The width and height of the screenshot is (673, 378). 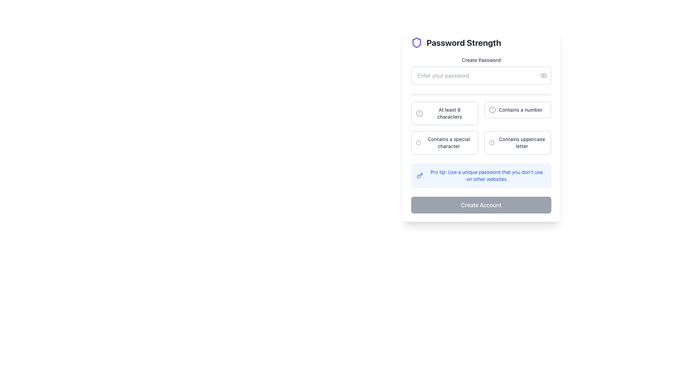 What do you see at coordinates (518, 142) in the screenshot?
I see `information from the informational label with the text 'Contains uppercase letter' located in the bottom-right corner of the password criteria grid` at bounding box center [518, 142].